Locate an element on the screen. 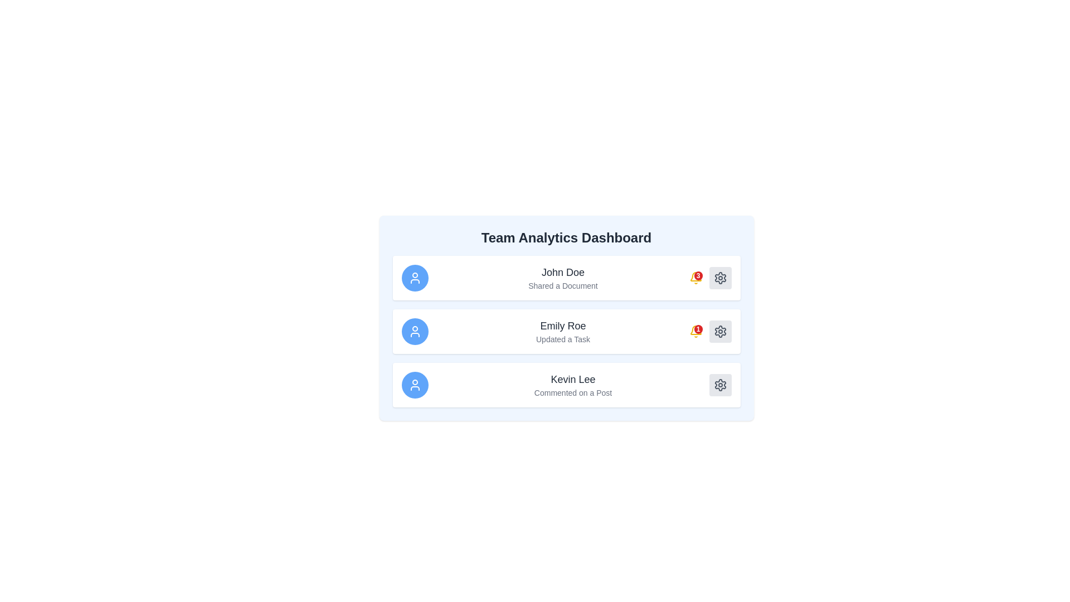  the settings button located to the far right of the 'John Doe' row in the 'Team Analytics Dashboard' is located at coordinates (720, 277).